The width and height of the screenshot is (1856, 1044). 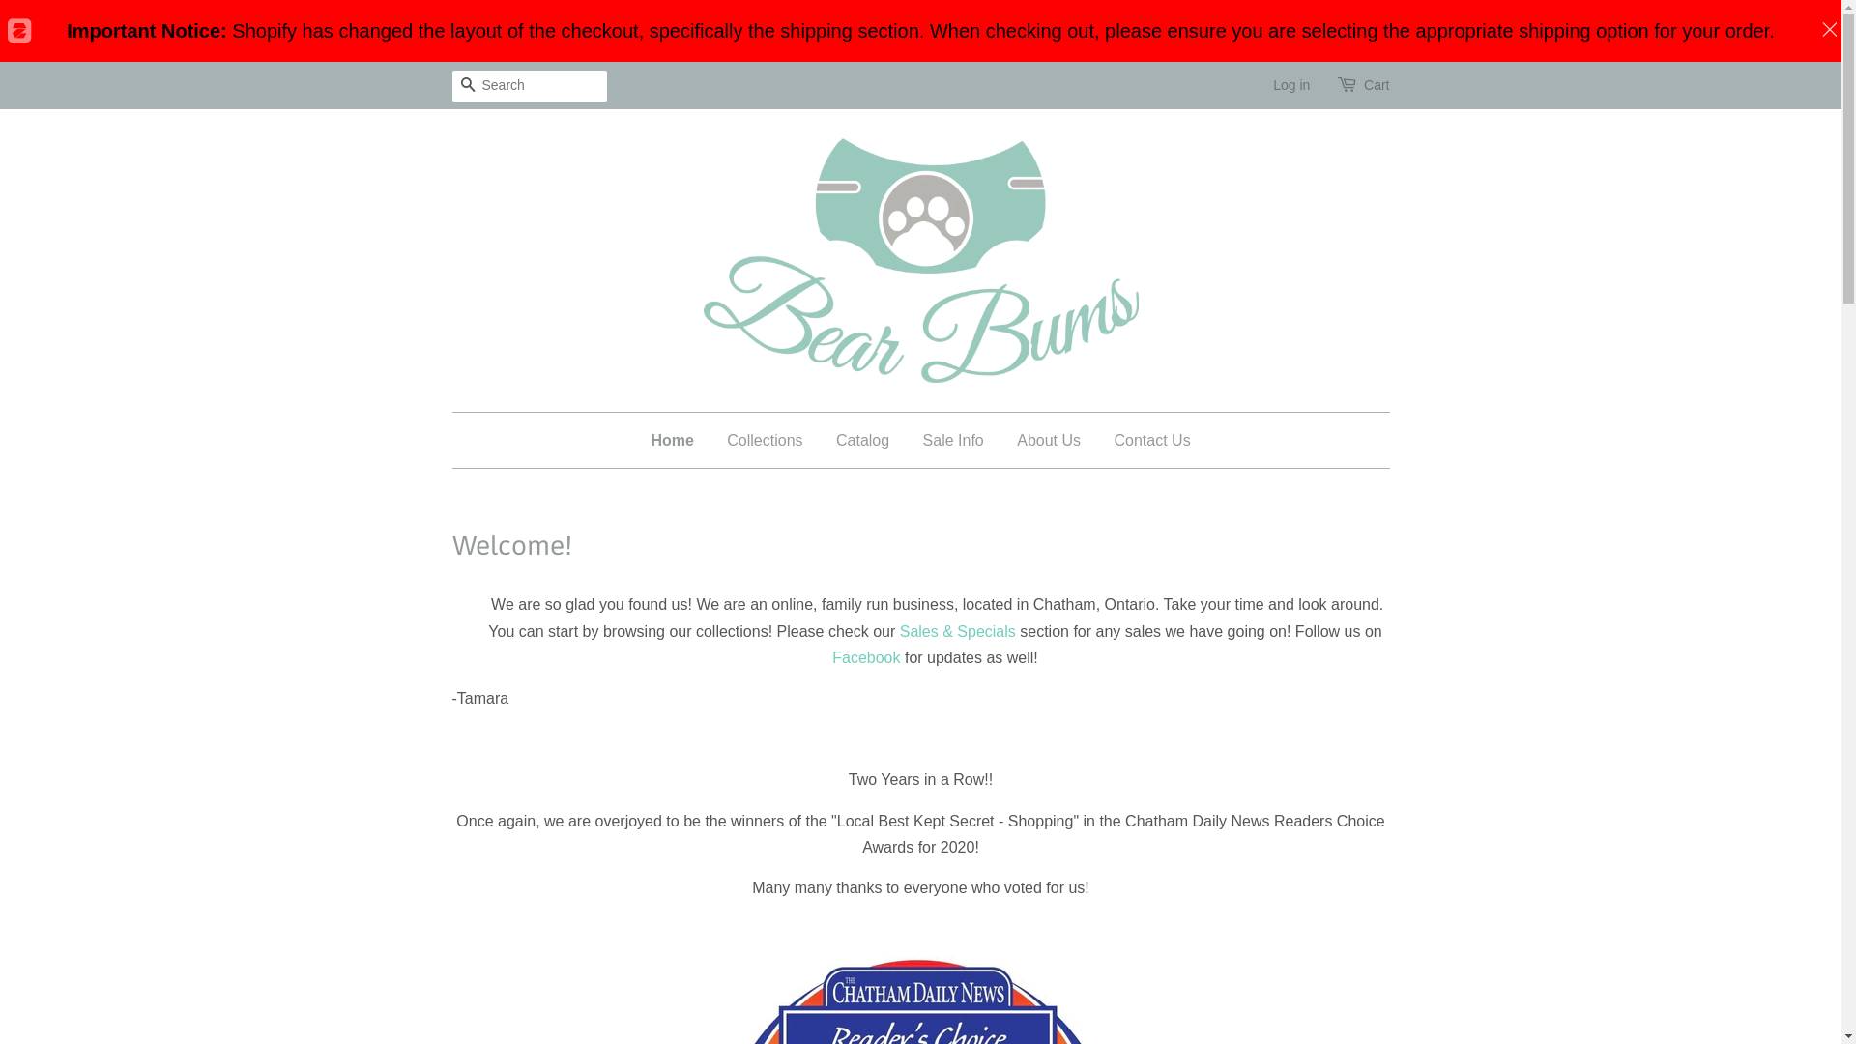 I want to click on 'Cart', so click(x=1376, y=84).